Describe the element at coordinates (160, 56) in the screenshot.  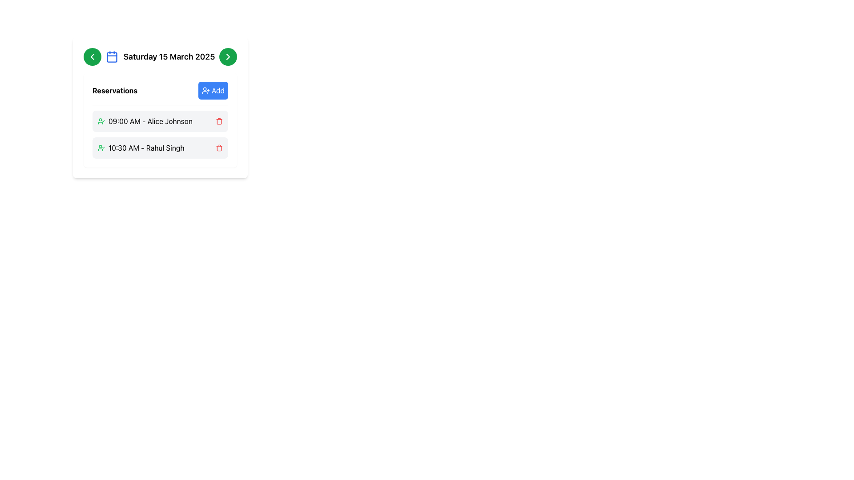
I see `the text label displaying the date 'Saturday 15 March 2025', which is bold and located next to a blue outlined calendar icon` at that location.